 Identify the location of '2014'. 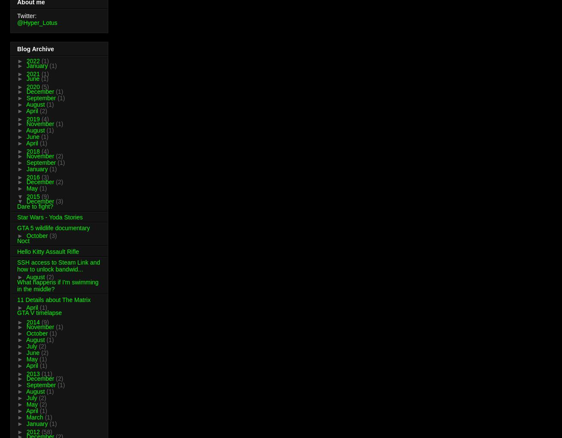
(26, 321).